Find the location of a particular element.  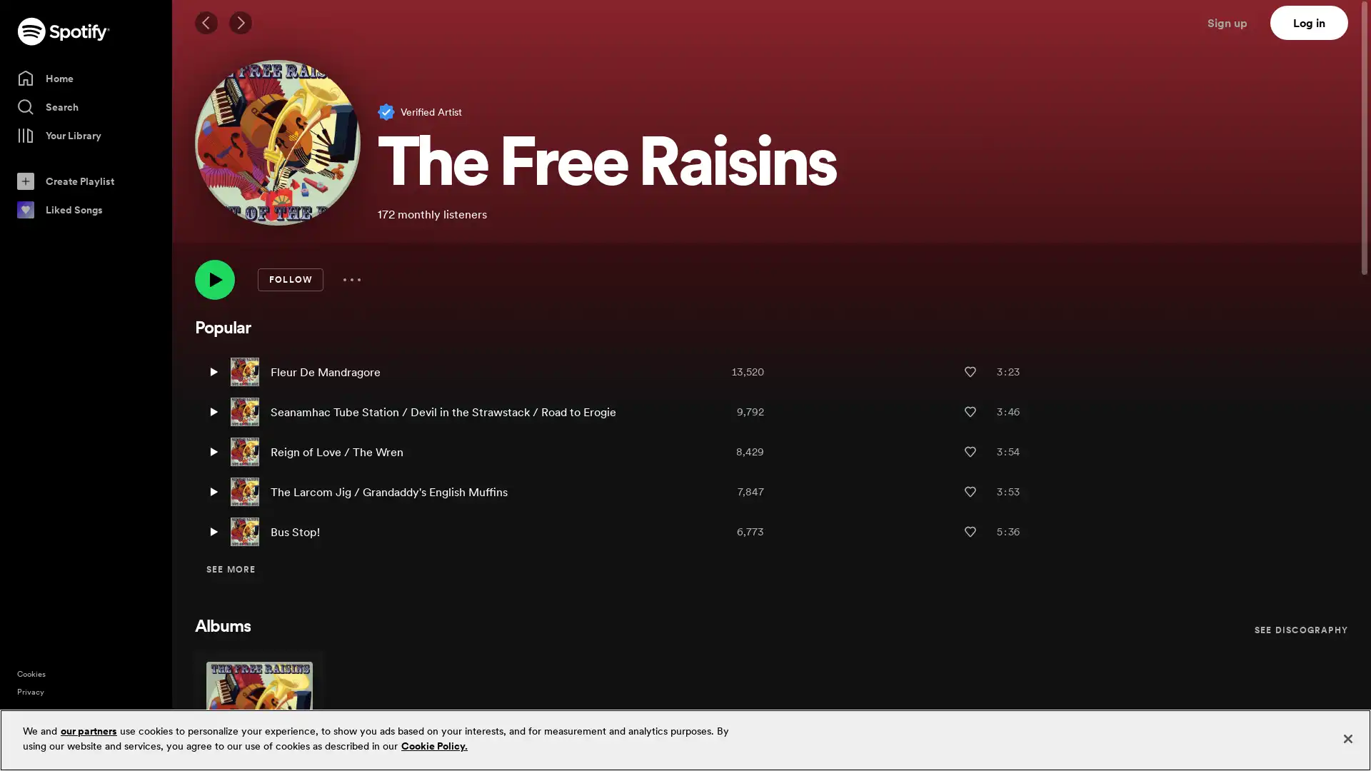

Play Fleur De Mandragore by The Free Raisins is located at coordinates (212, 371).